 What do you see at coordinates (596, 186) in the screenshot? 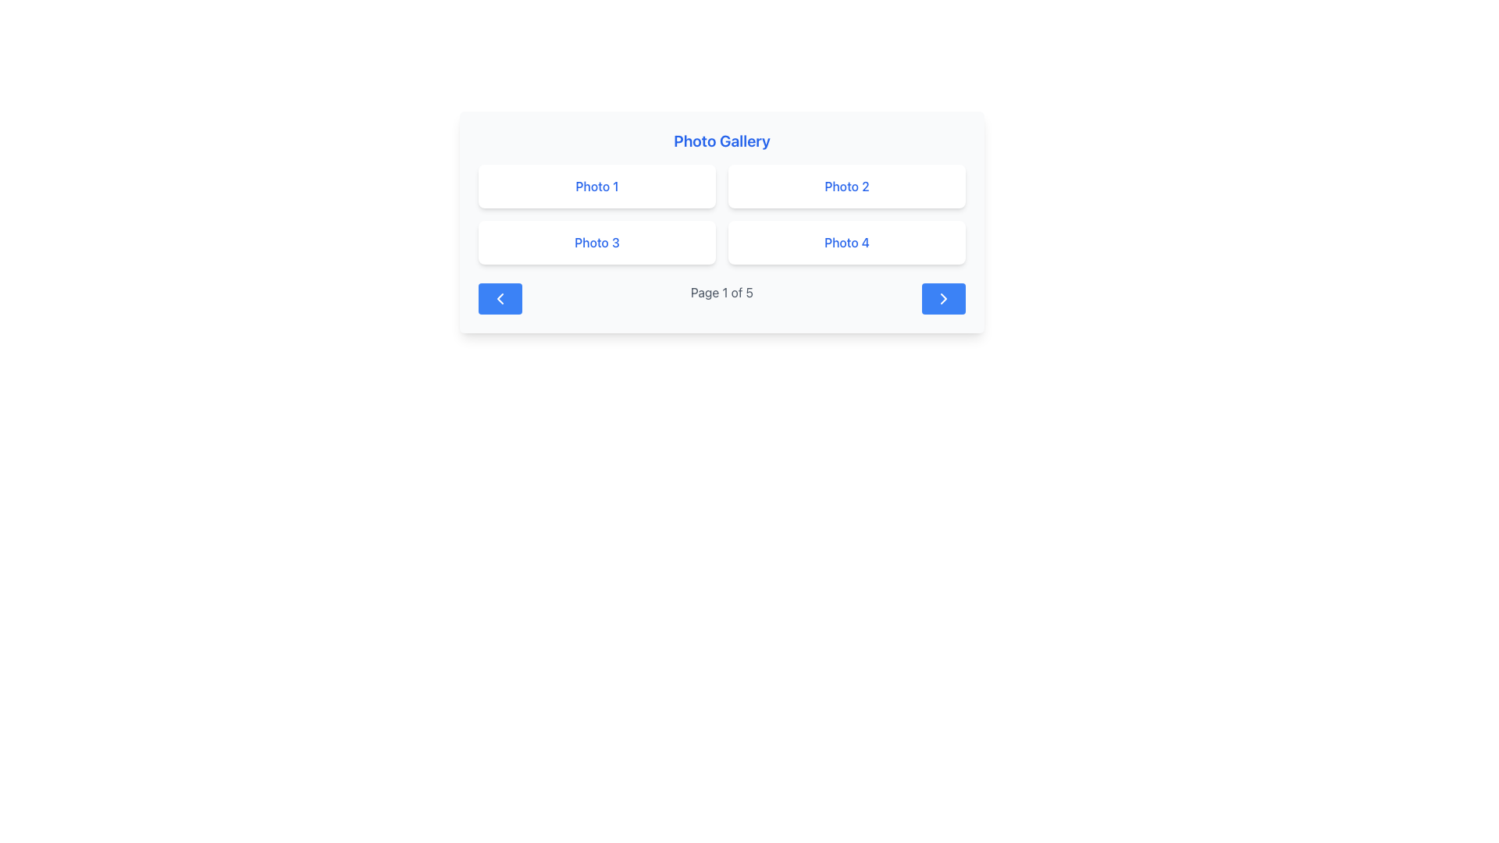
I see `the styled text element displaying 'Photo 1', which is located in the top-left cell of a 2x2 grid layout in the photo gallery interface` at bounding box center [596, 186].